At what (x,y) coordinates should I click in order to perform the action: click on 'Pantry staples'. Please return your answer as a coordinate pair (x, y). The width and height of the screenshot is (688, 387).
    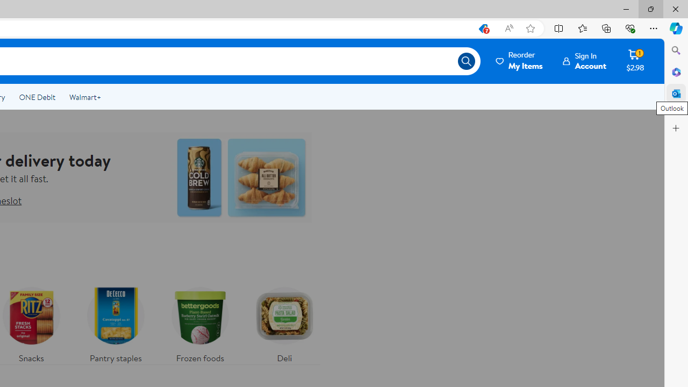
    Looking at the image, I should click on (116, 321).